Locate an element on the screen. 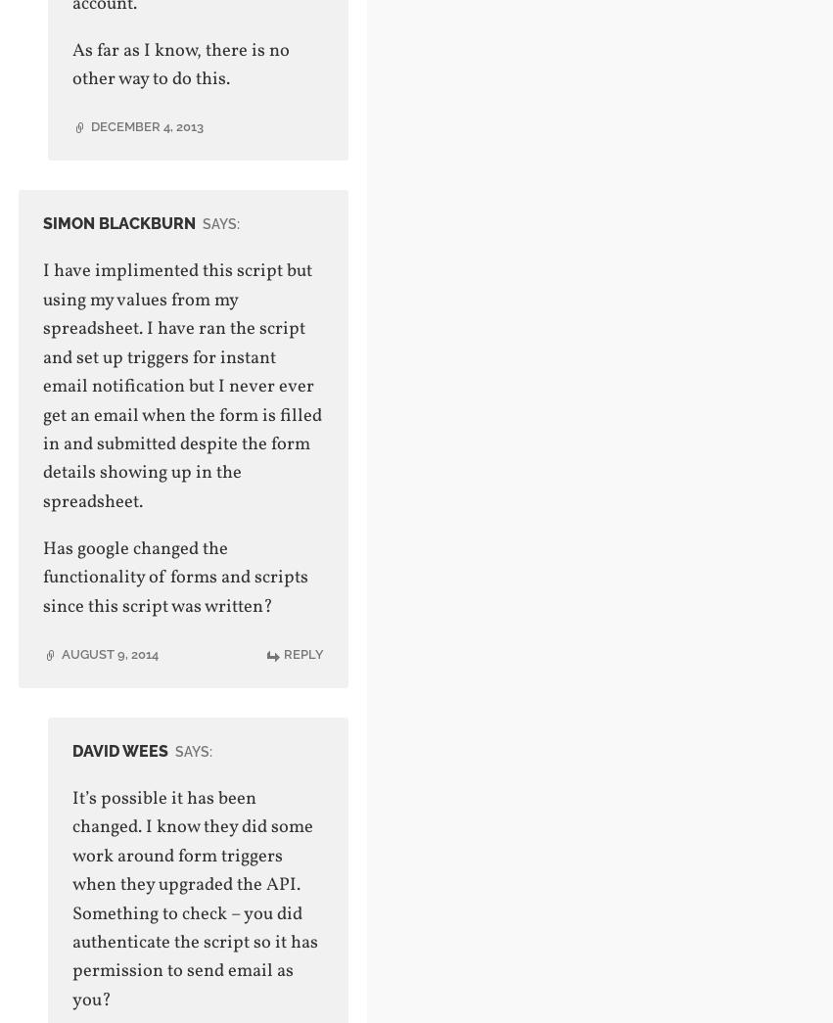  'Simon Blackburn' is located at coordinates (41, 223).